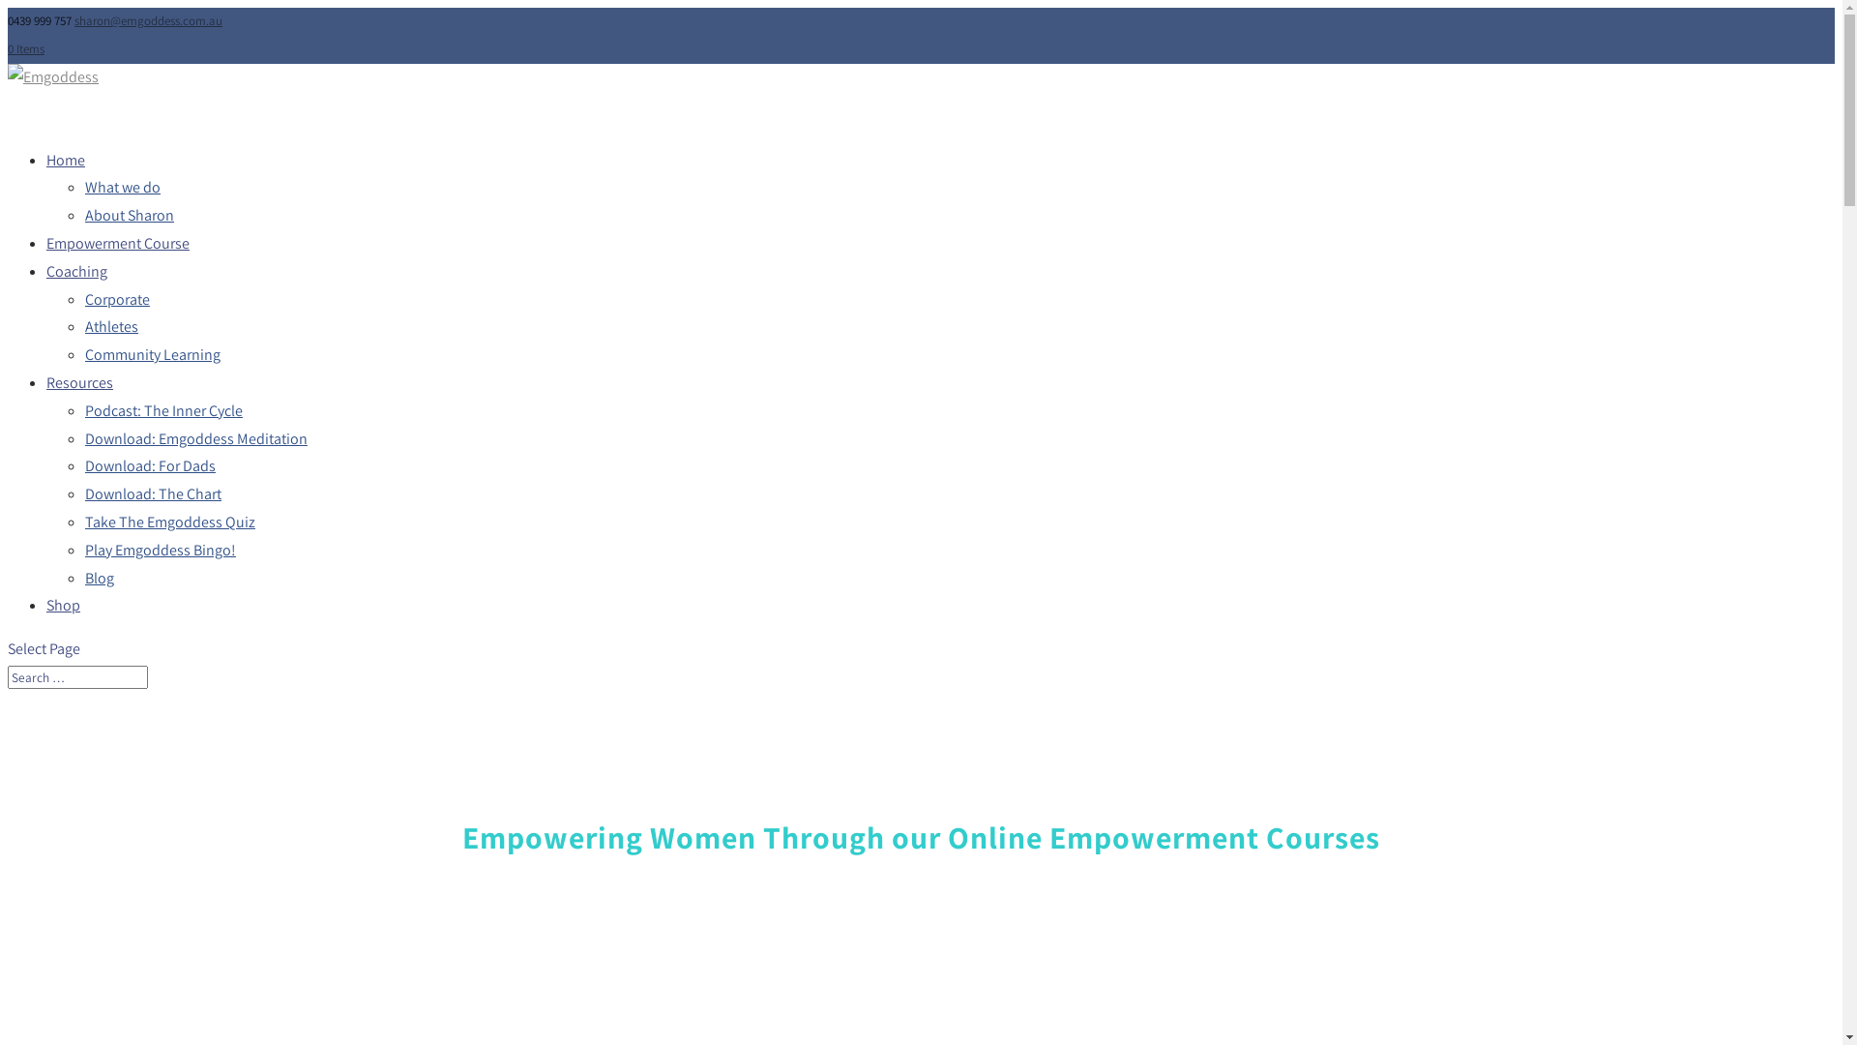  Describe the element at coordinates (83, 550) in the screenshot. I see `'Play Emgoddess Bingo!'` at that location.